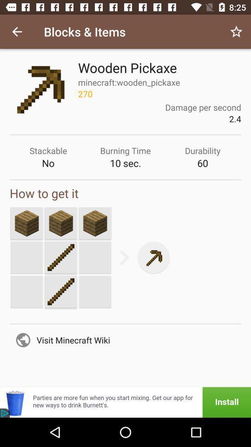  Describe the element at coordinates (26, 223) in the screenshot. I see `click on box` at that location.